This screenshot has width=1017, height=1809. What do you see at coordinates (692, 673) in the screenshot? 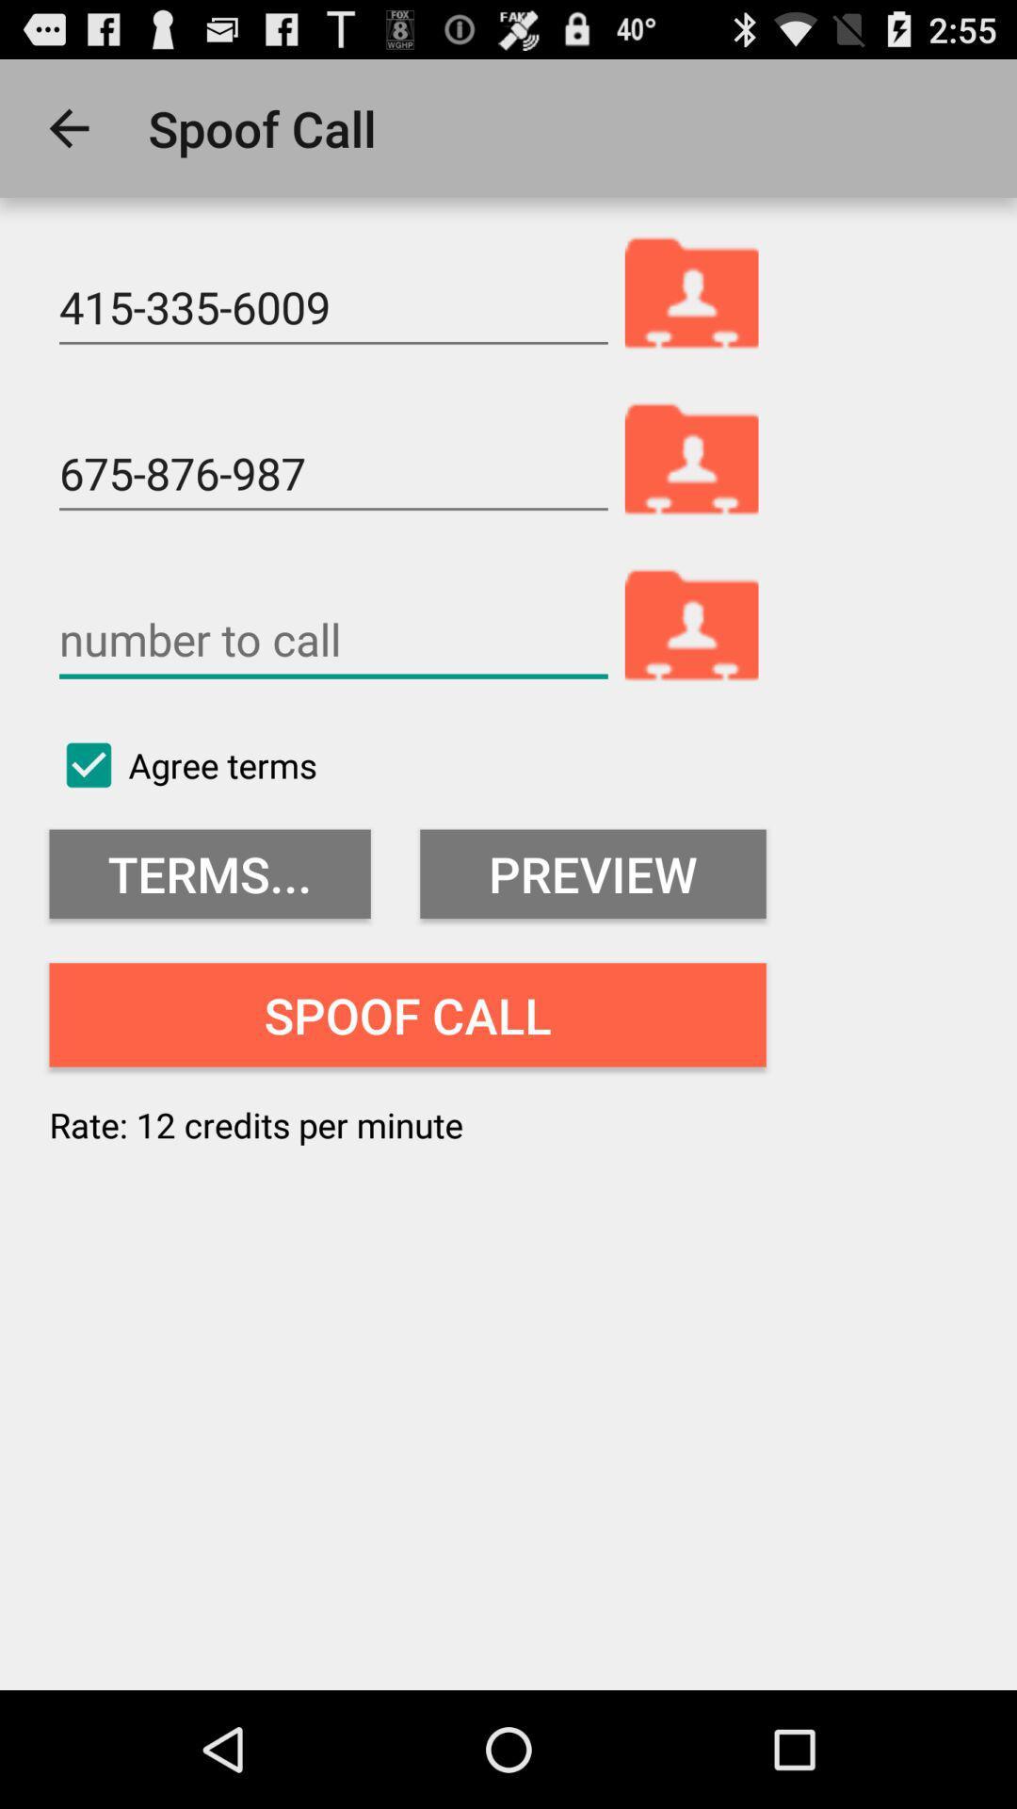
I see `the folder icon` at bounding box center [692, 673].